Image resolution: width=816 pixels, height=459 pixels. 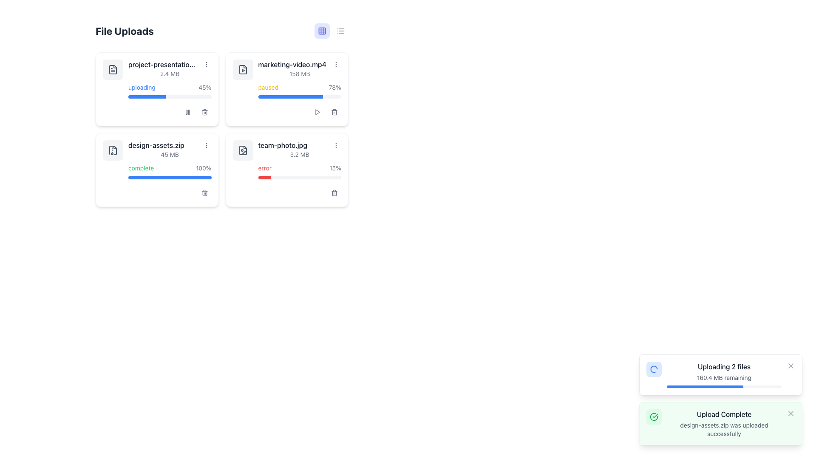 I want to click on the Text label that informs the user about the ongoing process of uploading two files, located in the upper section of the notification card, so click(x=724, y=366).